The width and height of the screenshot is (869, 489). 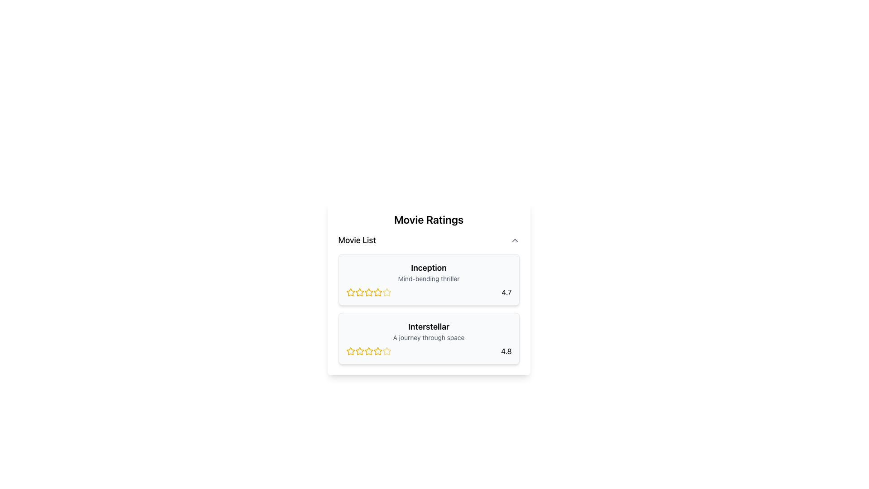 What do you see at coordinates (368, 292) in the screenshot?
I see `the second star icon in the rating section of the first movie entry` at bounding box center [368, 292].